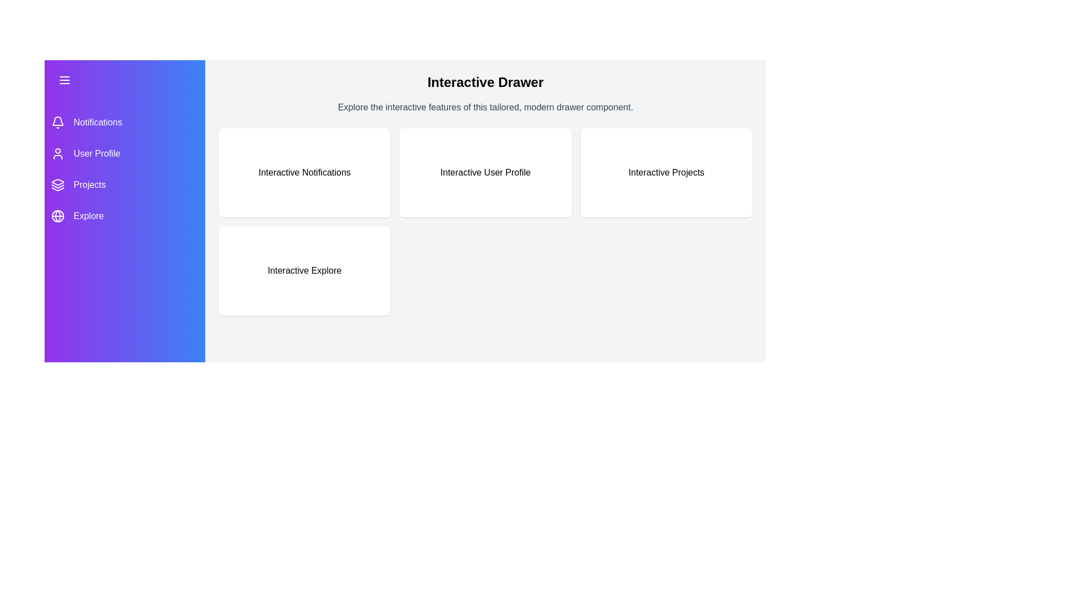  I want to click on the menu item Projects, so click(125, 184).